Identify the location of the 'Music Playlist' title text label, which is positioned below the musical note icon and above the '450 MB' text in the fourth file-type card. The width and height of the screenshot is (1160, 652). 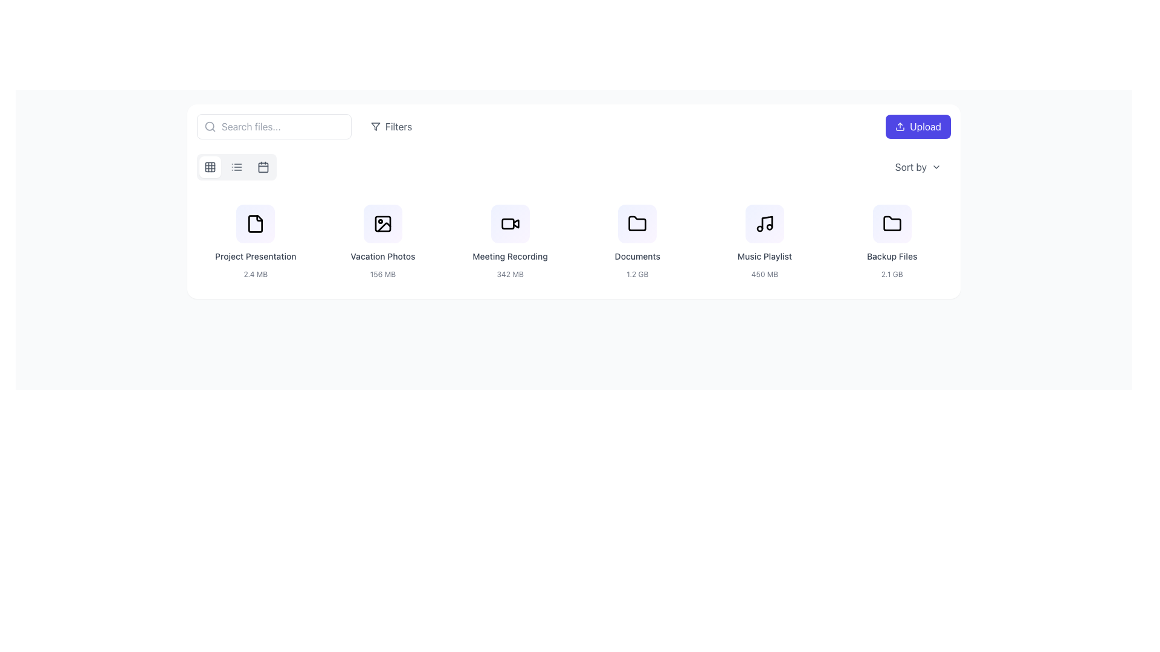
(764, 255).